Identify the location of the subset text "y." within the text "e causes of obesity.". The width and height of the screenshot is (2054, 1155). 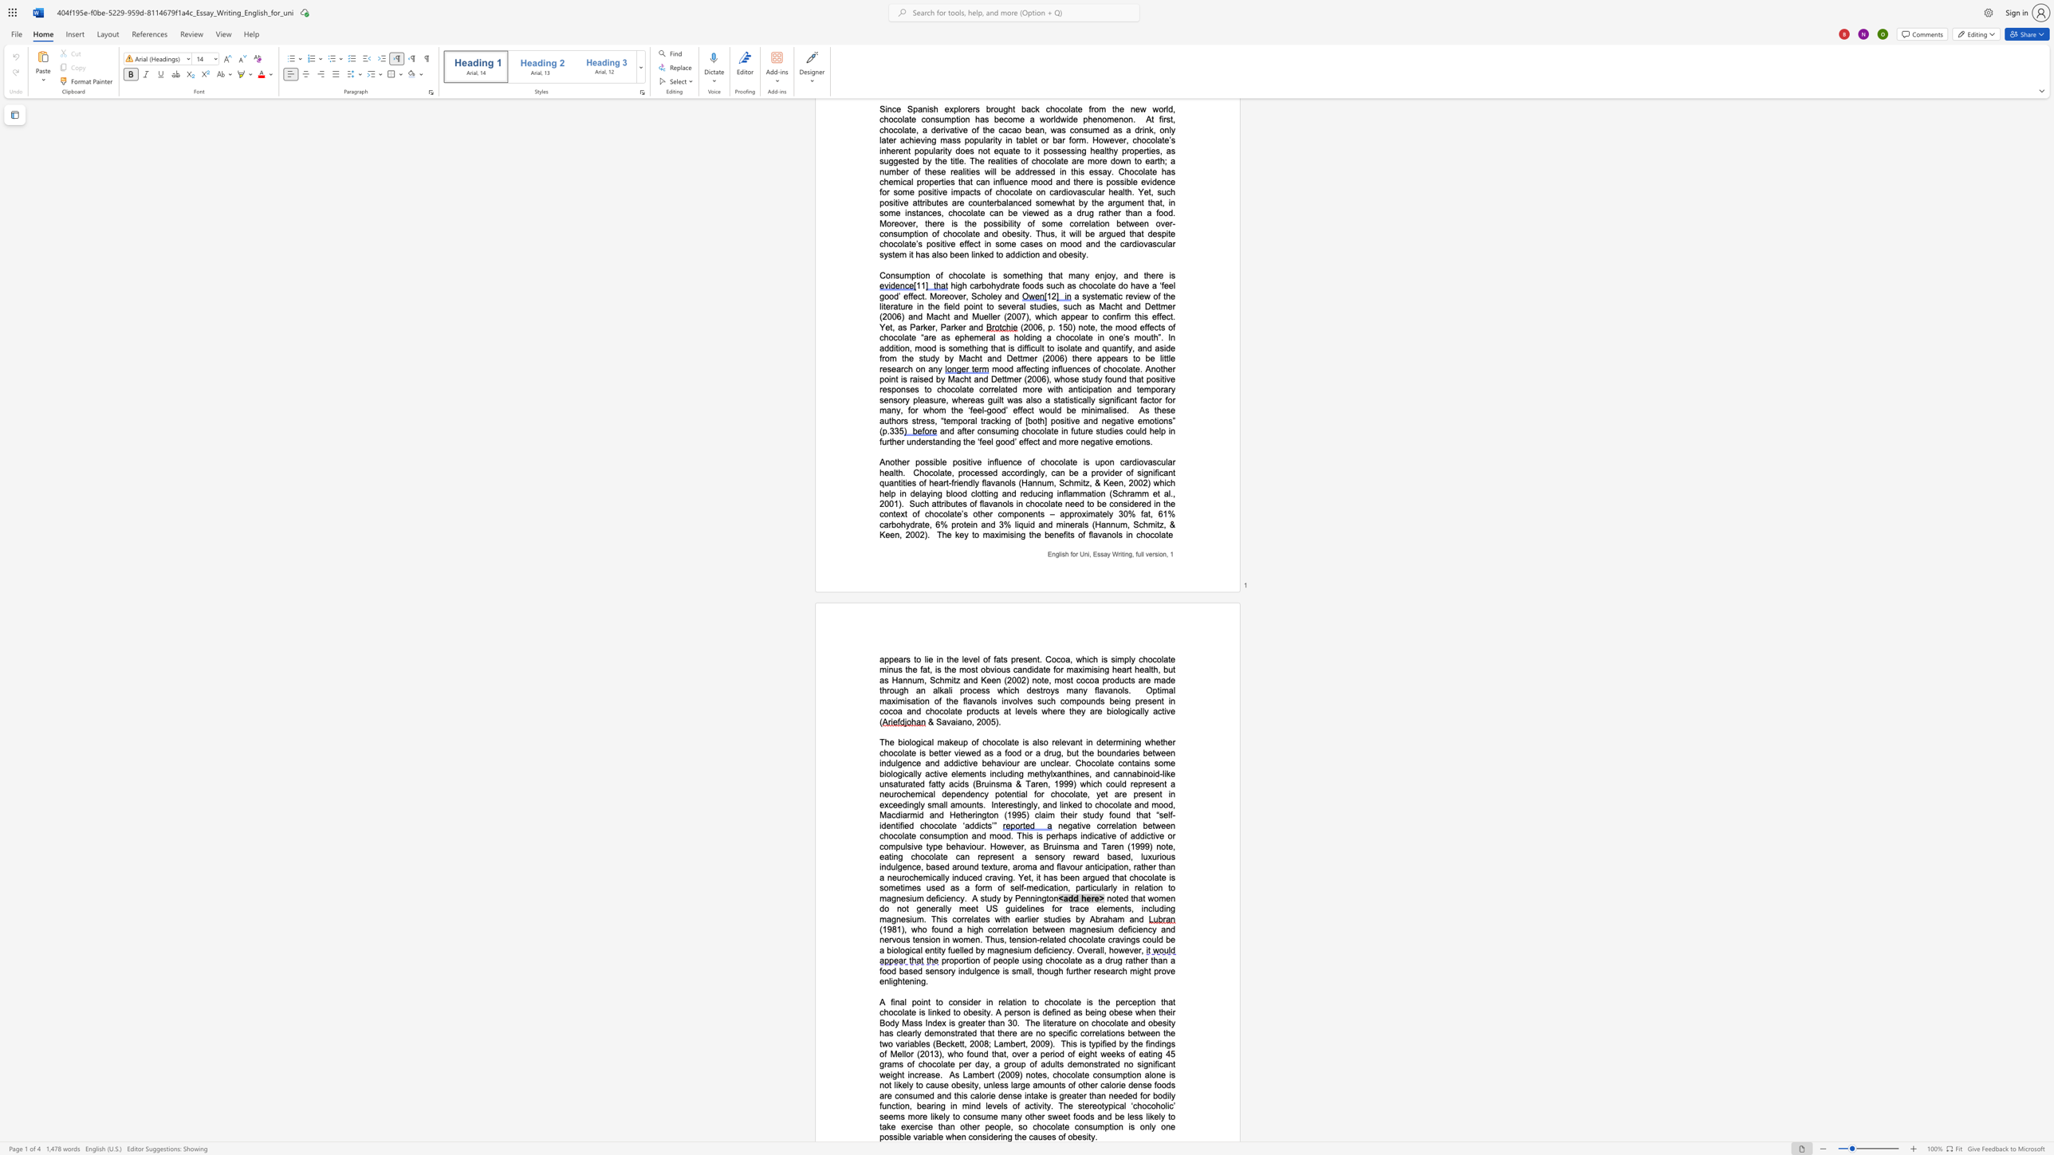
(1089, 1137).